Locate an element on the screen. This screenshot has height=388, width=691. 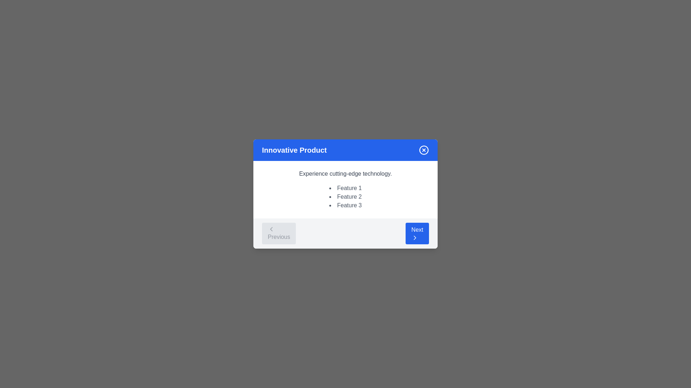
the Text List element located near the center of the modal window, below the header 'Innovative Product' is located at coordinates (345, 194).